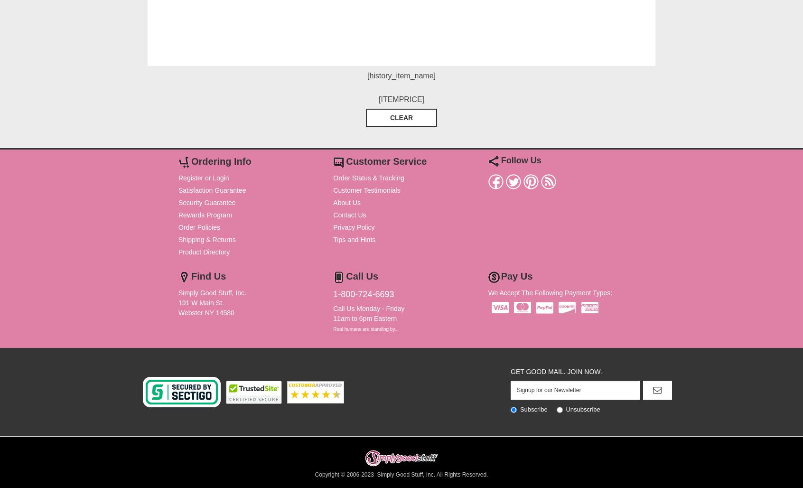  What do you see at coordinates (206, 239) in the screenshot?
I see `'Shipping & Returns'` at bounding box center [206, 239].